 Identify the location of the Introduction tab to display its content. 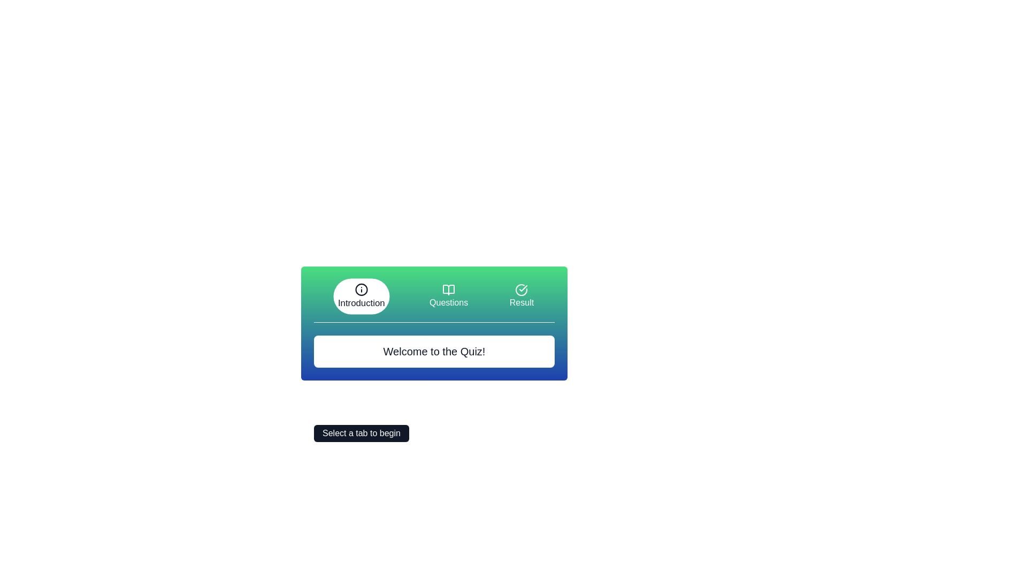
(361, 296).